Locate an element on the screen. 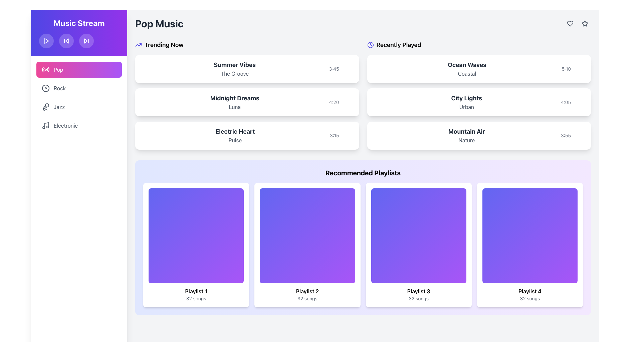  the first entry in the vertically stacked list of trending songs under the 'Trending Now' section, which displays the song's title, artist, and duration is located at coordinates (247, 69).